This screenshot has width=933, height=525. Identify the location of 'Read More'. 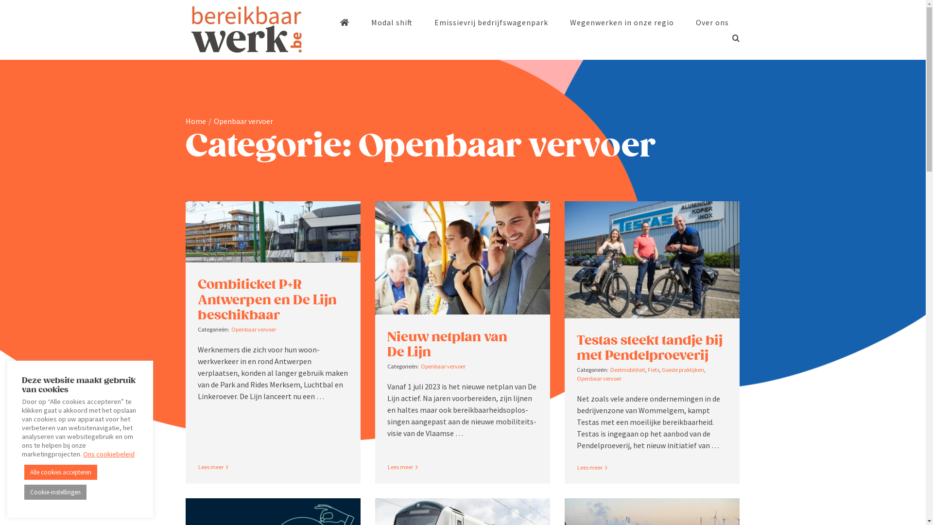
(400, 466).